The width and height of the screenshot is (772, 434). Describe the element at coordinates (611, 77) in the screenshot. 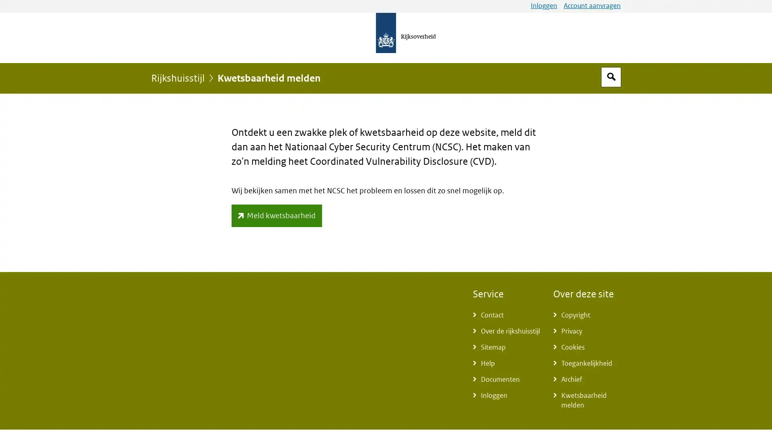

I see `Open zoekveld` at that location.